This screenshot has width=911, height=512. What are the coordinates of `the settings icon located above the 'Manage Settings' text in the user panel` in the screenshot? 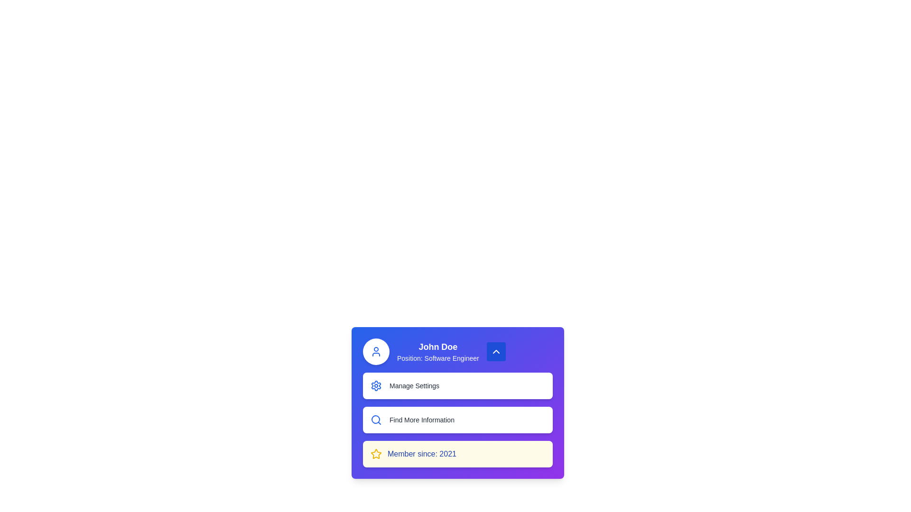 It's located at (375, 385).